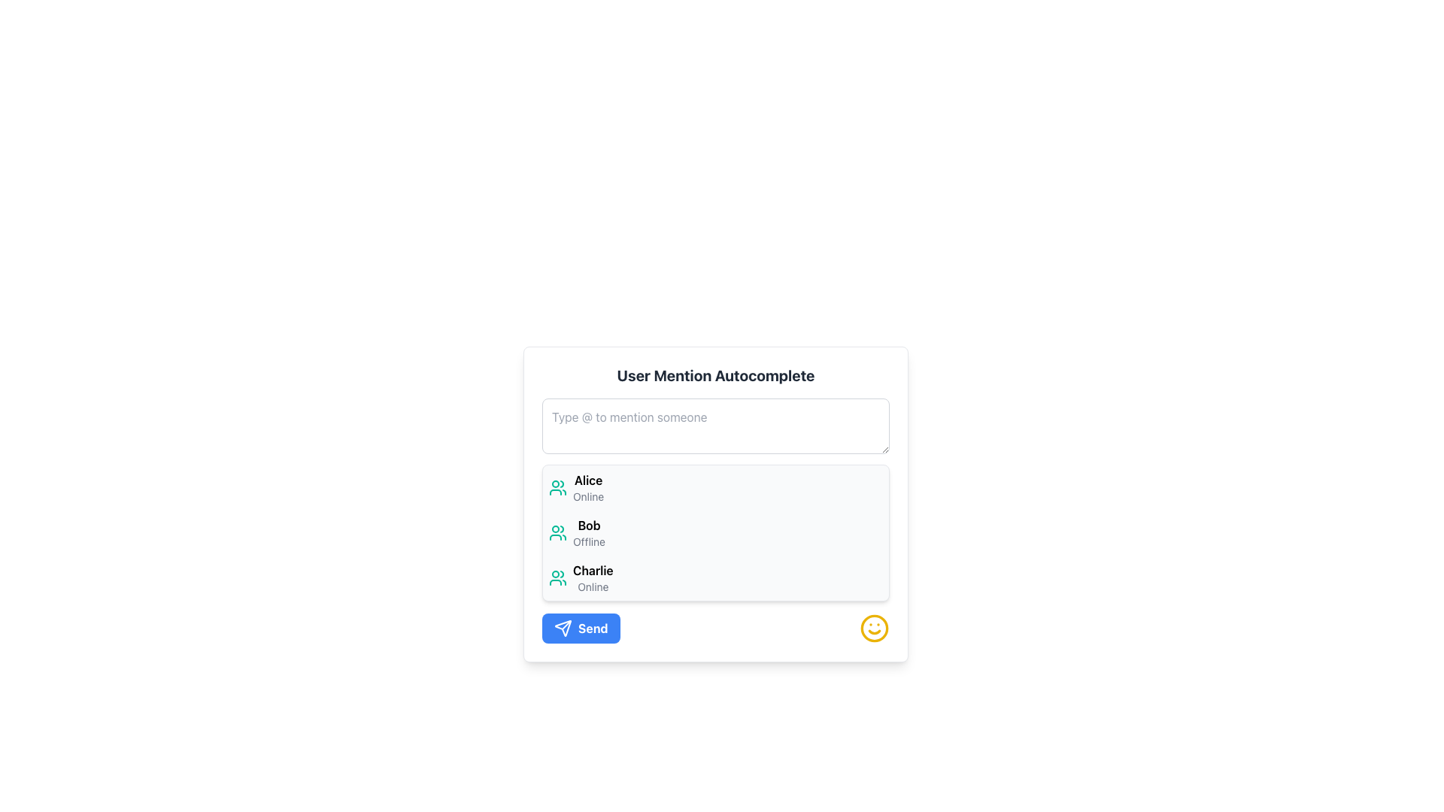  Describe the element at coordinates (592, 577) in the screenshot. I see `the list item displaying the name 'Charlie' and status 'Online'` at that location.